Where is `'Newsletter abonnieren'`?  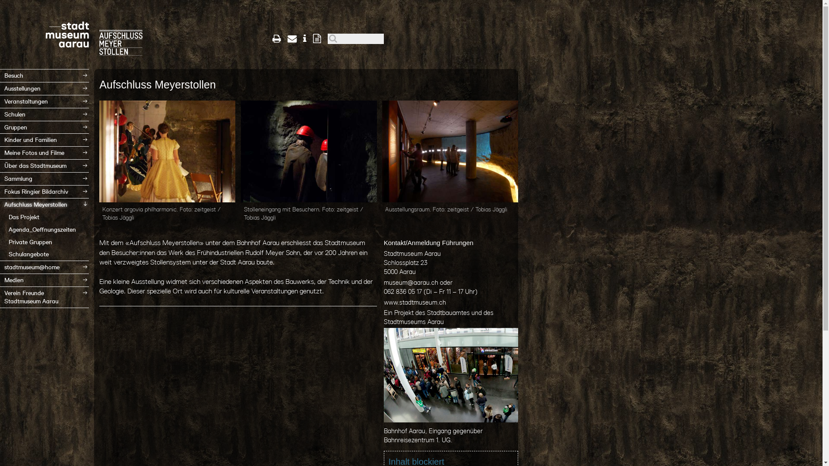
'Newsletter abonnieren' is located at coordinates (316, 38).